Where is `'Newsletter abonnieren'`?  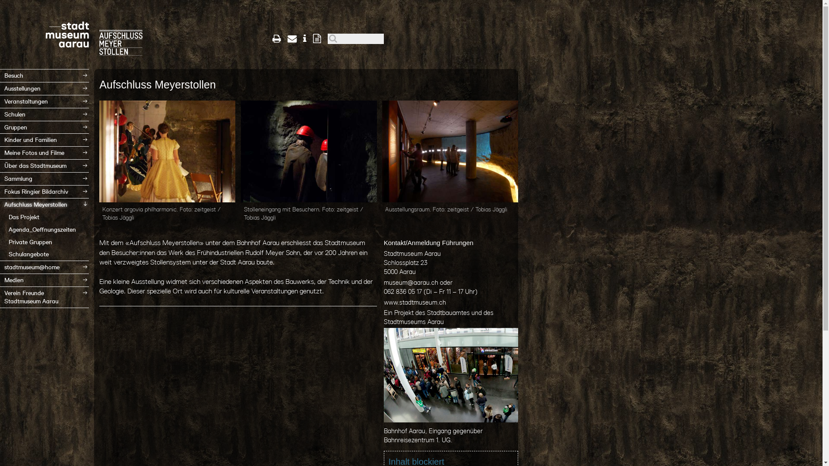
'Newsletter abonnieren' is located at coordinates (316, 38).